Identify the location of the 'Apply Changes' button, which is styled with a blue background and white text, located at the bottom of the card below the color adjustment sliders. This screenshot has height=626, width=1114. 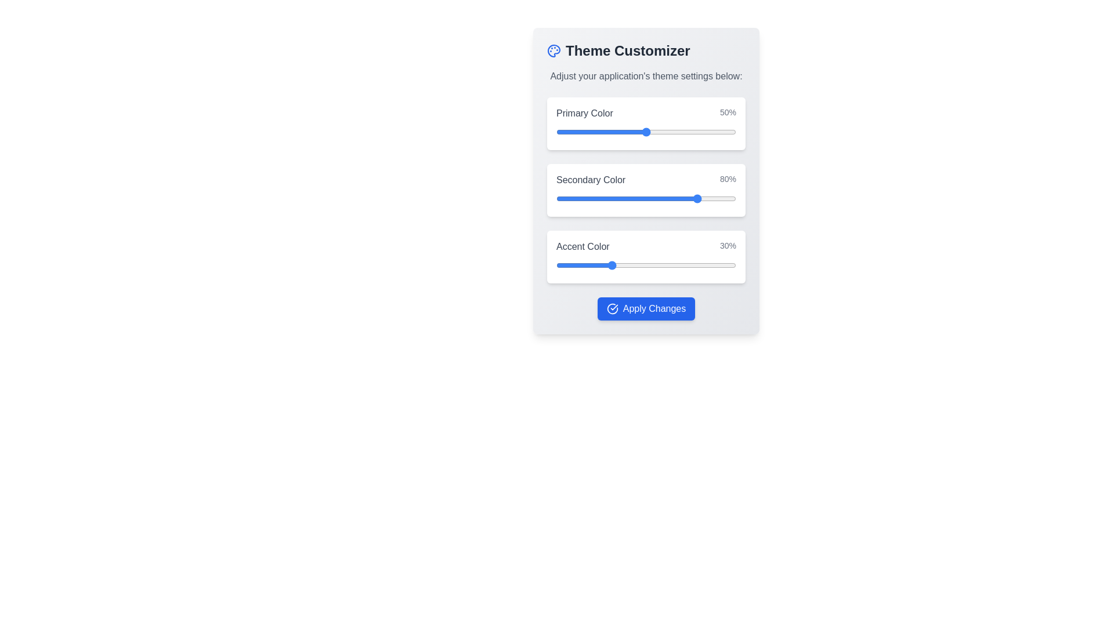
(645, 308).